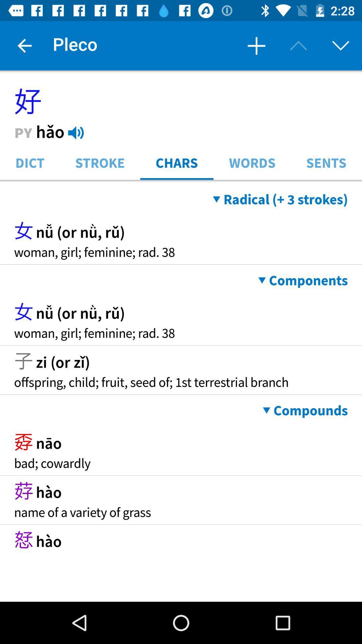  Describe the element at coordinates (326, 162) in the screenshot. I see `sents` at that location.